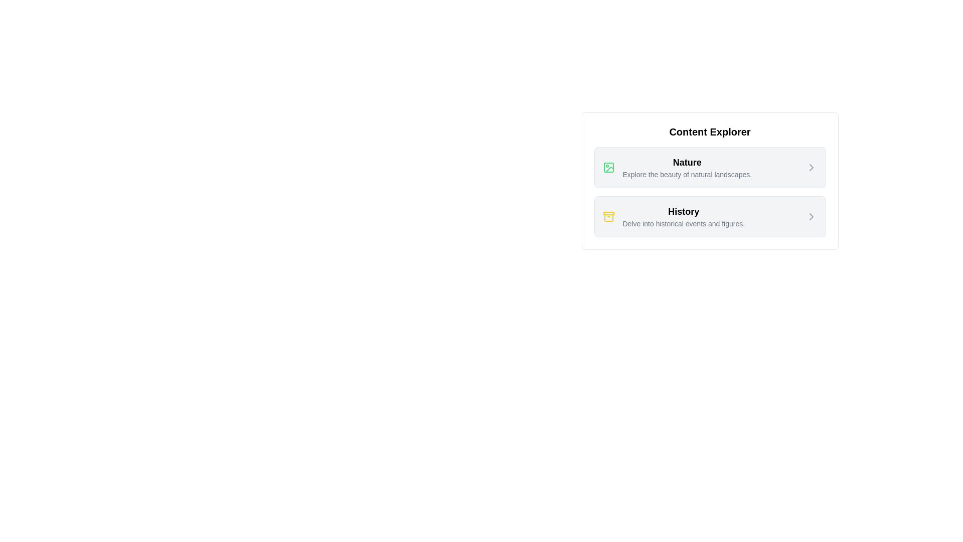  I want to click on the text label that serves as a title or heading for a section related to historical topics, located below the 'Nature' item in the menu, so click(683, 211).